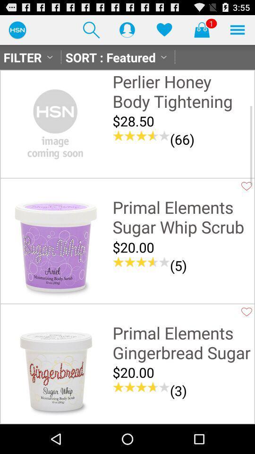  What do you see at coordinates (246, 311) in the screenshot?
I see `press like` at bounding box center [246, 311].